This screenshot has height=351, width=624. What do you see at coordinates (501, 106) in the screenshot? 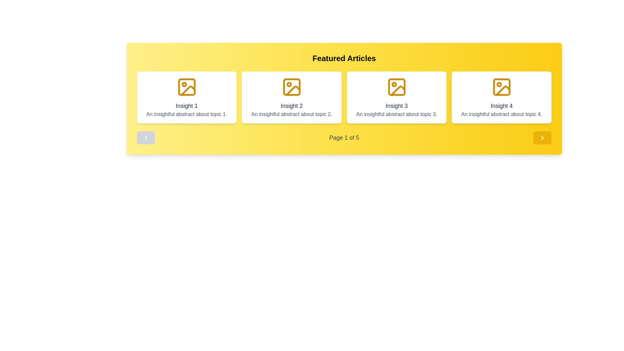
I see `text displayed in the title label of the fourth card, which is located centrally below an image icon and above descriptive text` at bounding box center [501, 106].